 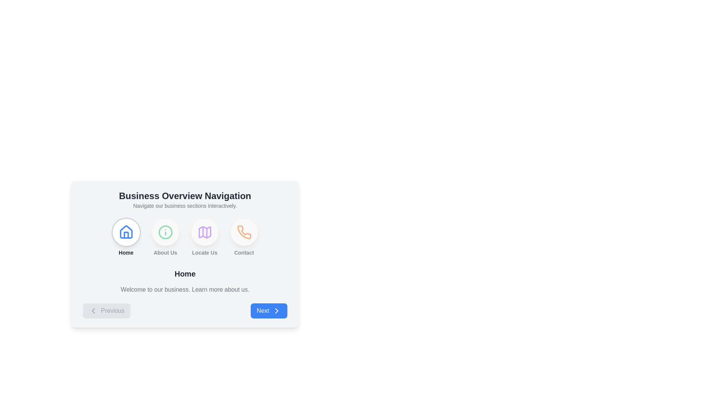 What do you see at coordinates (185, 206) in the screenshot?
I see `the descriptive subtitle text located centrally below the 'Business Overview Navigation' title, which provides contextual information about business navigation tools` at bounding box center [185, 206].